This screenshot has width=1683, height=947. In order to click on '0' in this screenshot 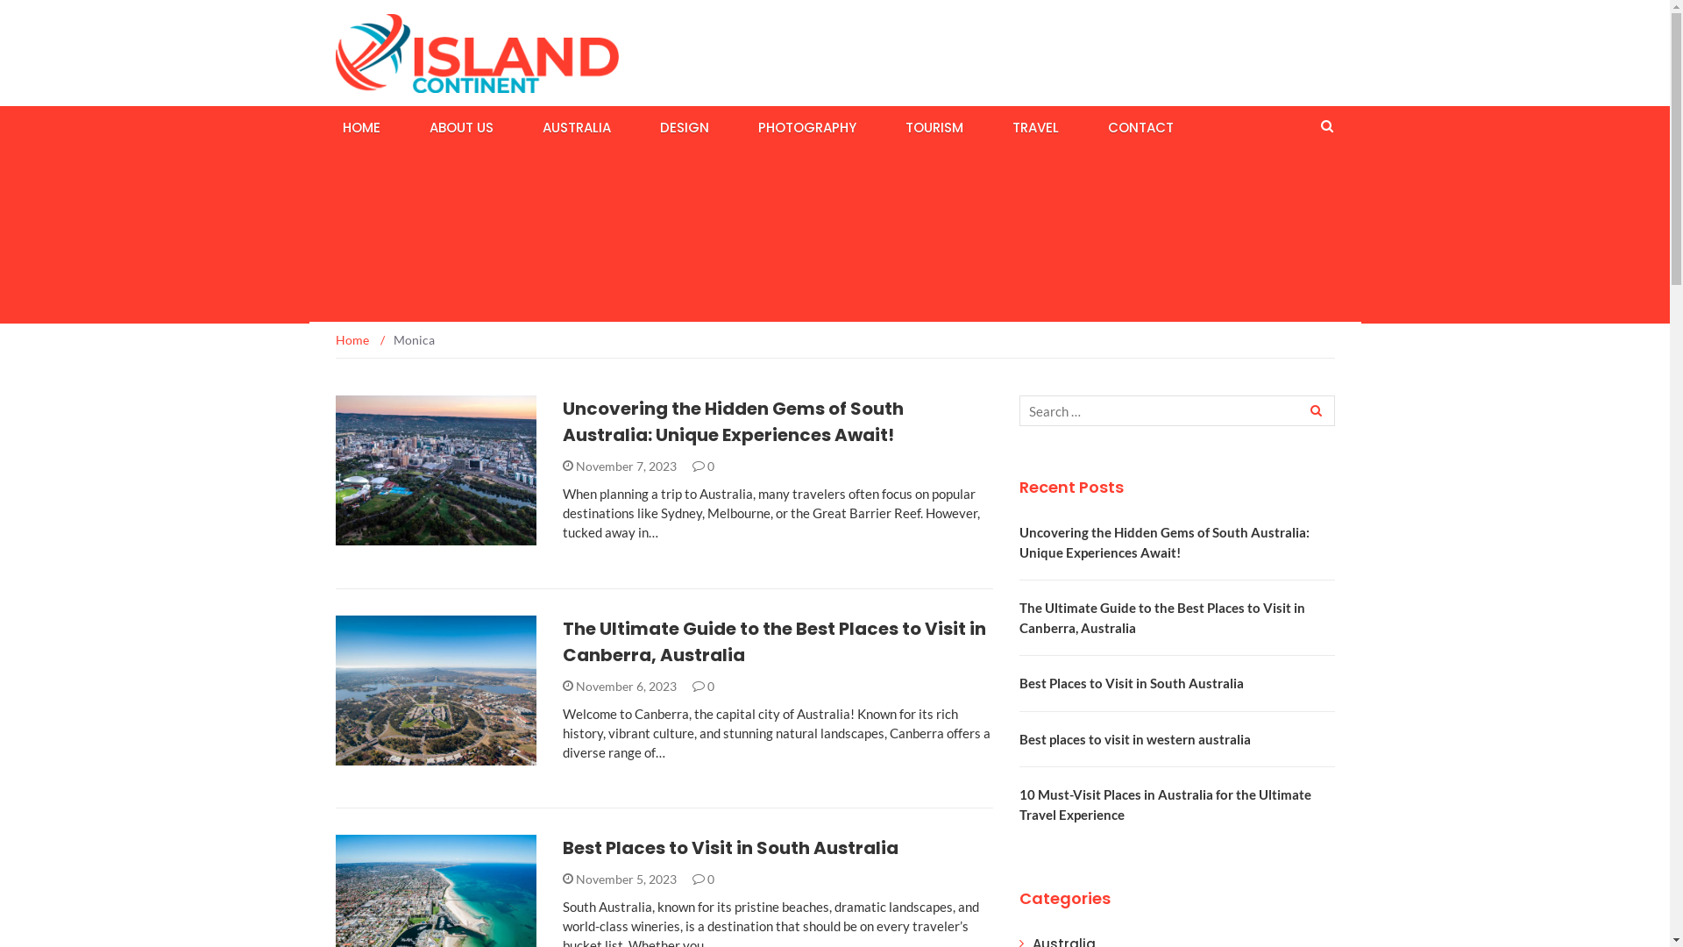, I will do `click(692, 465)`.